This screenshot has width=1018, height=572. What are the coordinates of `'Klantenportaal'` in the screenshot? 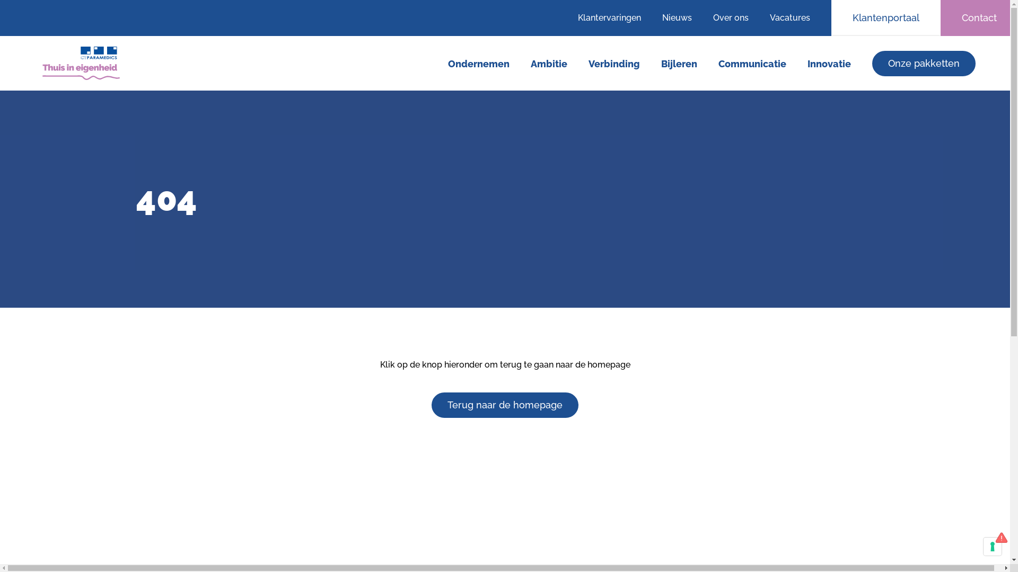 It's located at (831, 18).